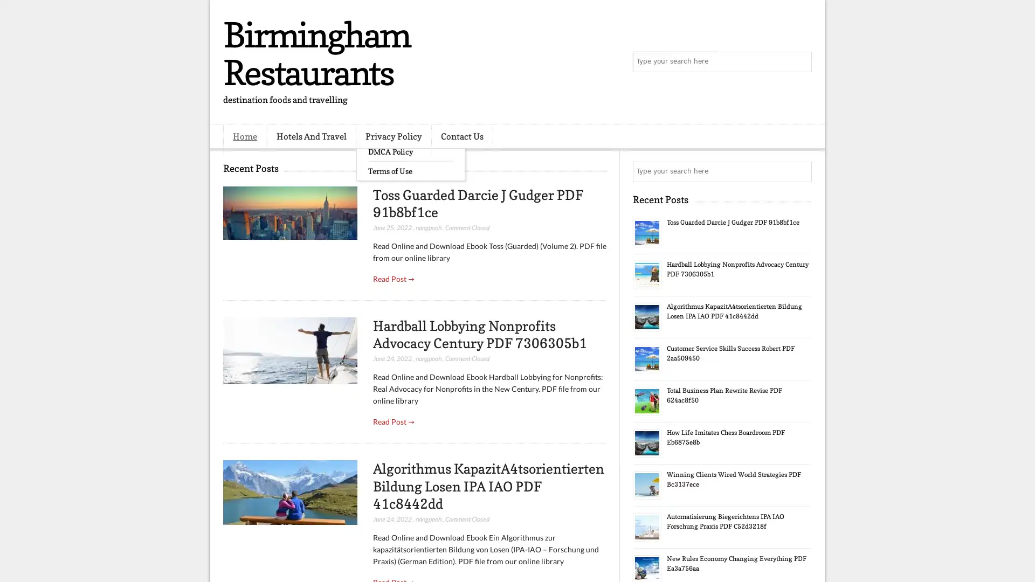 This screenshot has height=582, width=1035. What do you see at coordinates (801, 171) in the screenshot?
I see `Search` at bounding box center [801, 171].